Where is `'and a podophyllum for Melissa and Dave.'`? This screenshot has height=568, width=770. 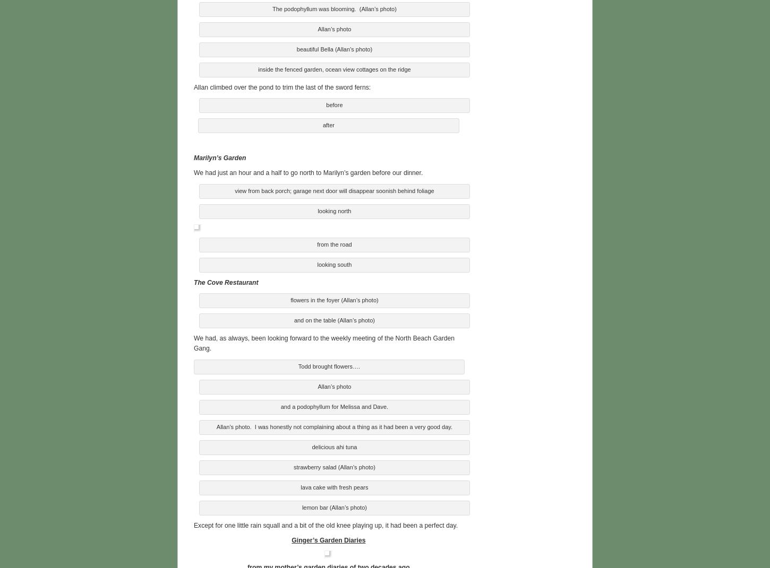 'and a podophyllum for Melissa and Dave.' is located at coordinates (280, 405).